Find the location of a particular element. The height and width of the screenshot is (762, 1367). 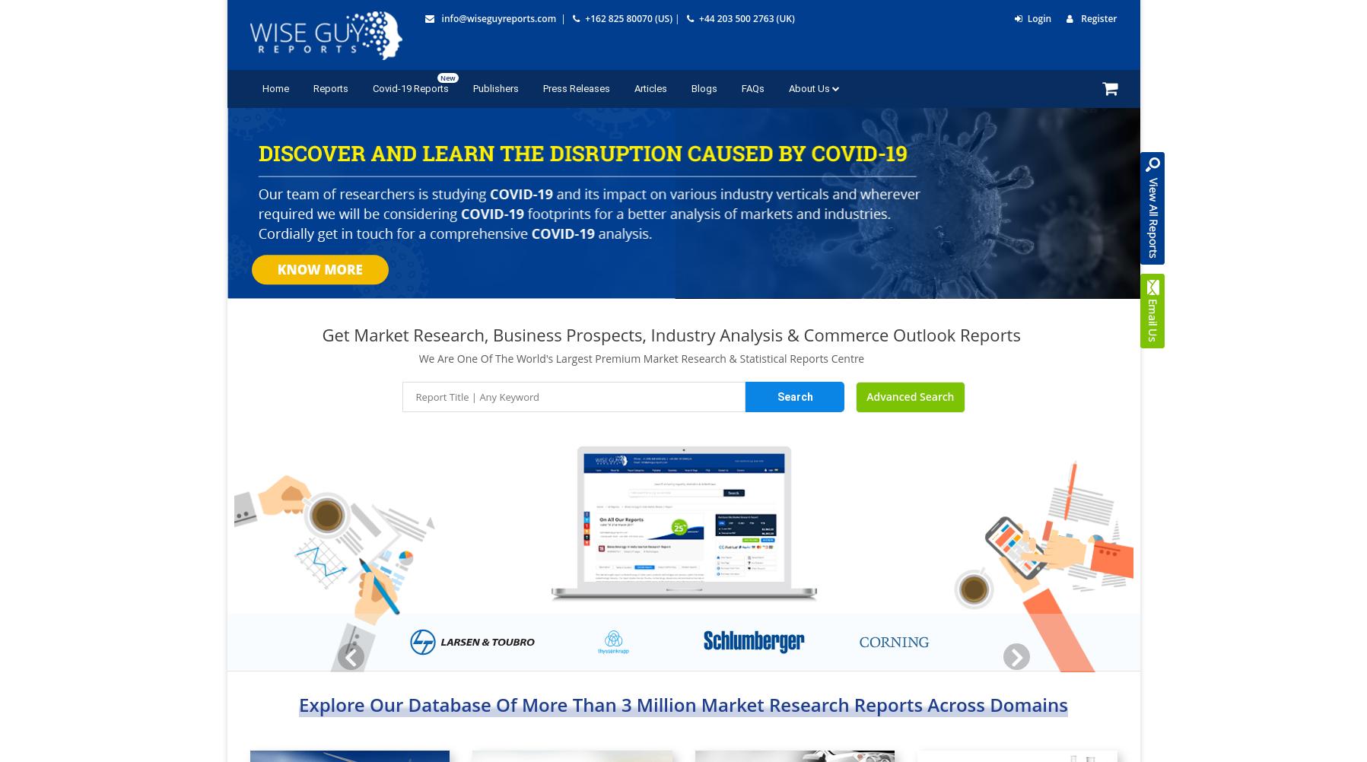

'Blogs' is located at coordinates (703, 87).